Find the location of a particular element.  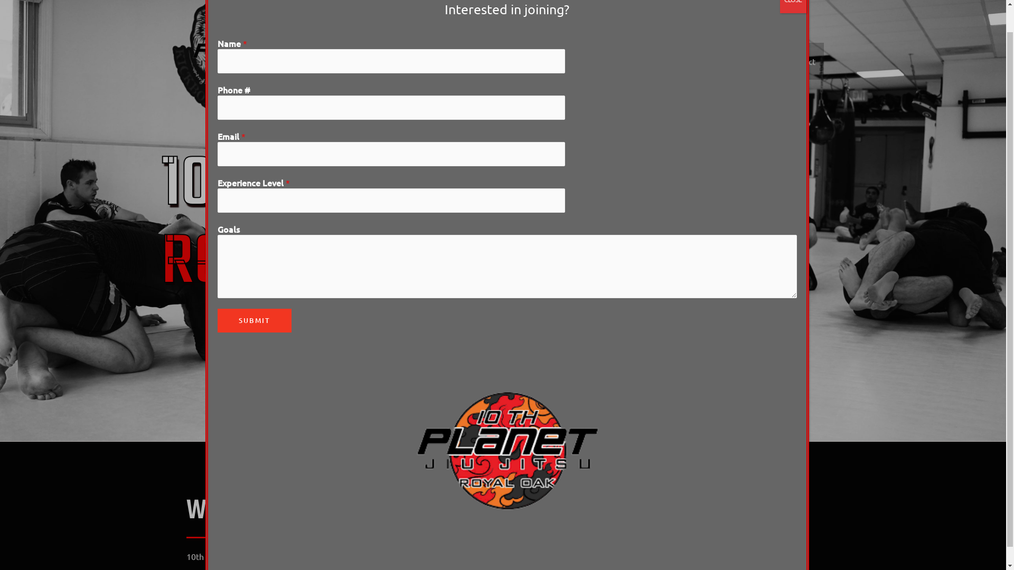

'Classes' is located at coordinates (661, 61).